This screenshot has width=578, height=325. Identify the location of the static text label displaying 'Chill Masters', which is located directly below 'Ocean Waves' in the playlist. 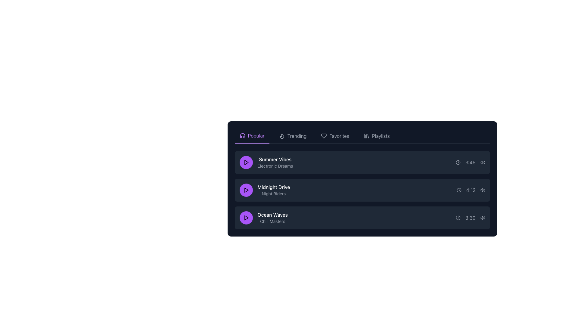
(272, 221).